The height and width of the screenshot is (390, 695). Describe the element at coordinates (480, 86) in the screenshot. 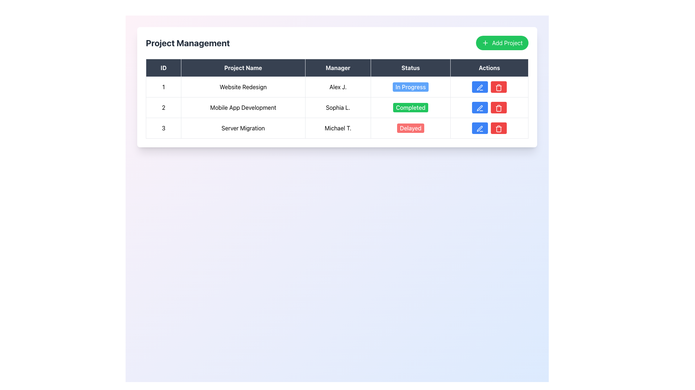

I see `the edit button in the 'Actions' column of the first row` at that location.